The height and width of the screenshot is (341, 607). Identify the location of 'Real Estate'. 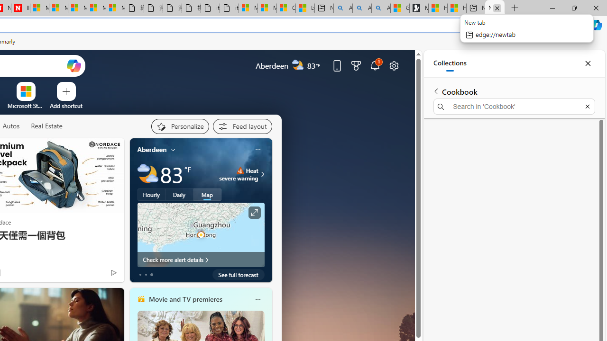
(46, 126).